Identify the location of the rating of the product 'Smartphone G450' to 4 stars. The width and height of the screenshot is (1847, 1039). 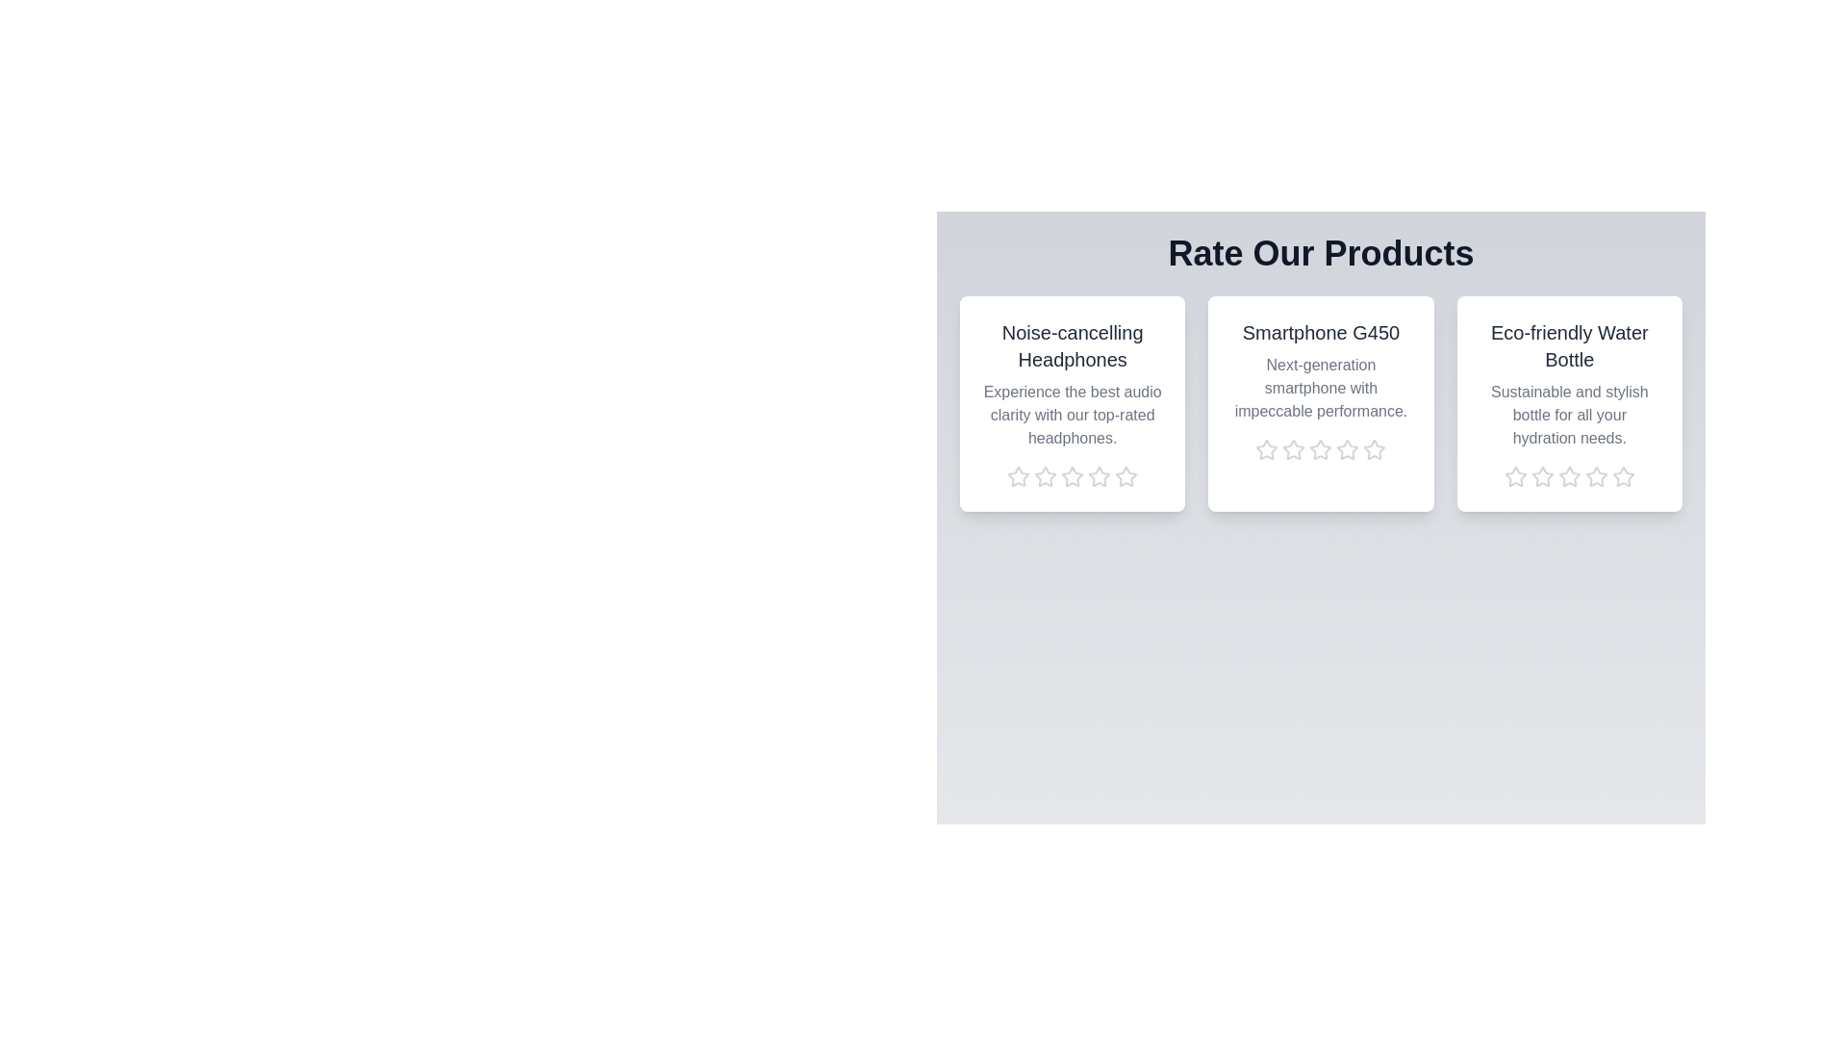
(1347, 449).